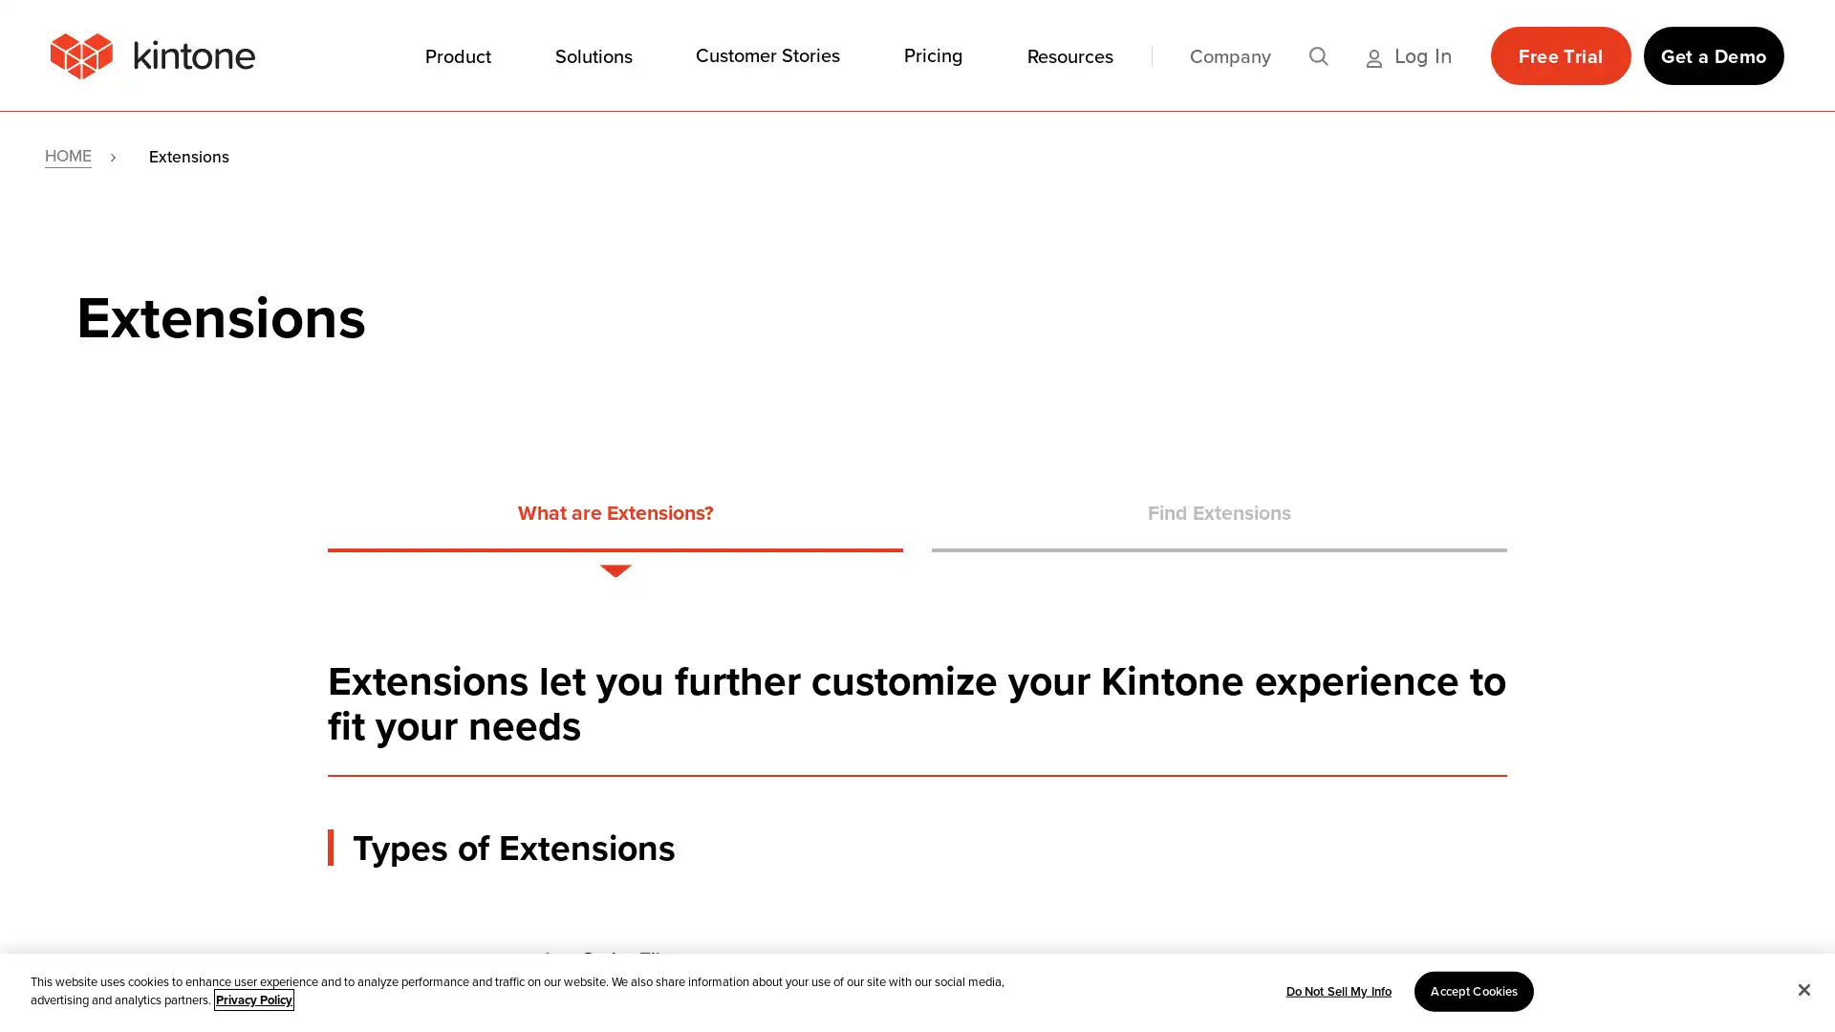 This screenshot has height=1032, width=1835. What do you see at coordinates (1409, 54) in the screenshot?
I see `Log In` at bounding box center [1409, 54].